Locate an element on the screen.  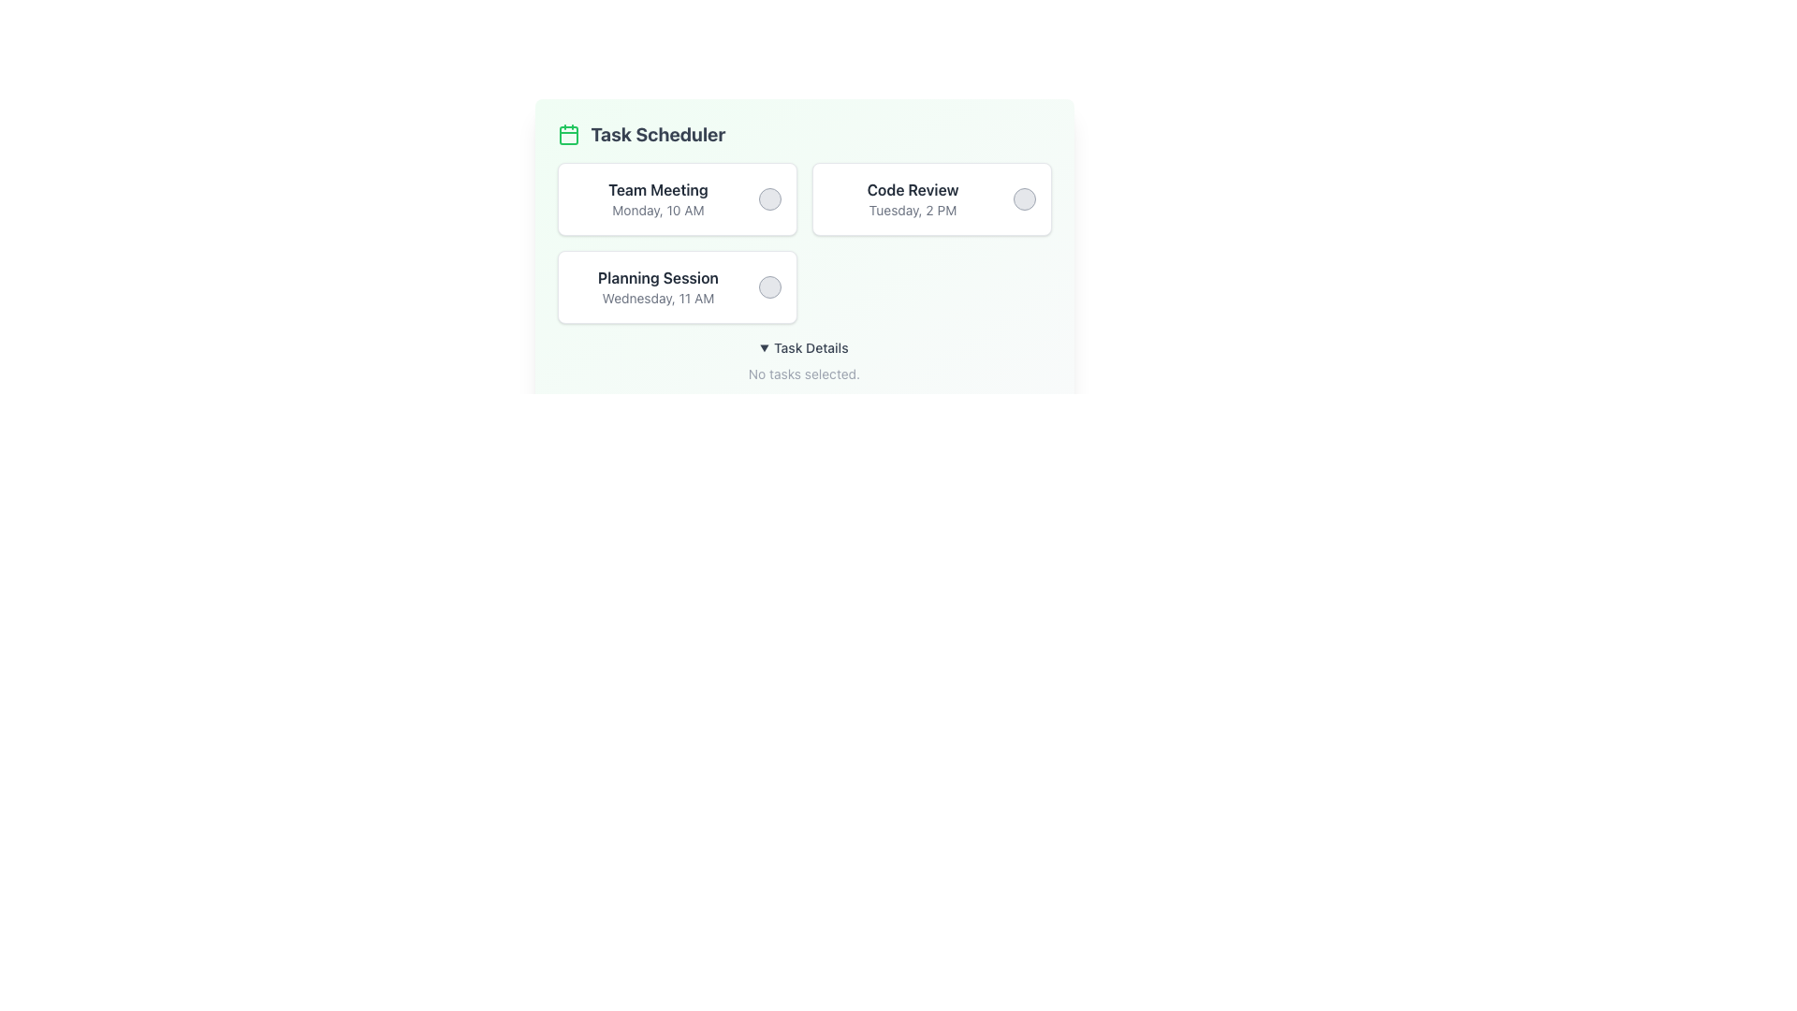
bold text 'Team Meeting' from the top line of the text label in the event box within the 'Task Scheduler' section is located at coordinates (658, 190).